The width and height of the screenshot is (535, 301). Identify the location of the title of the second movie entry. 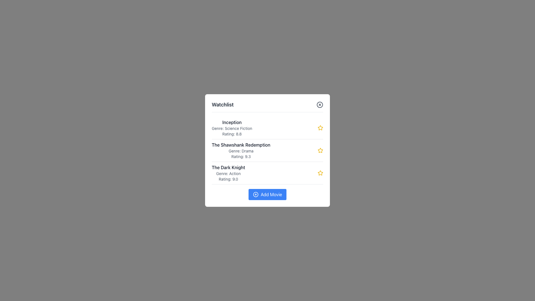
(267, 151).